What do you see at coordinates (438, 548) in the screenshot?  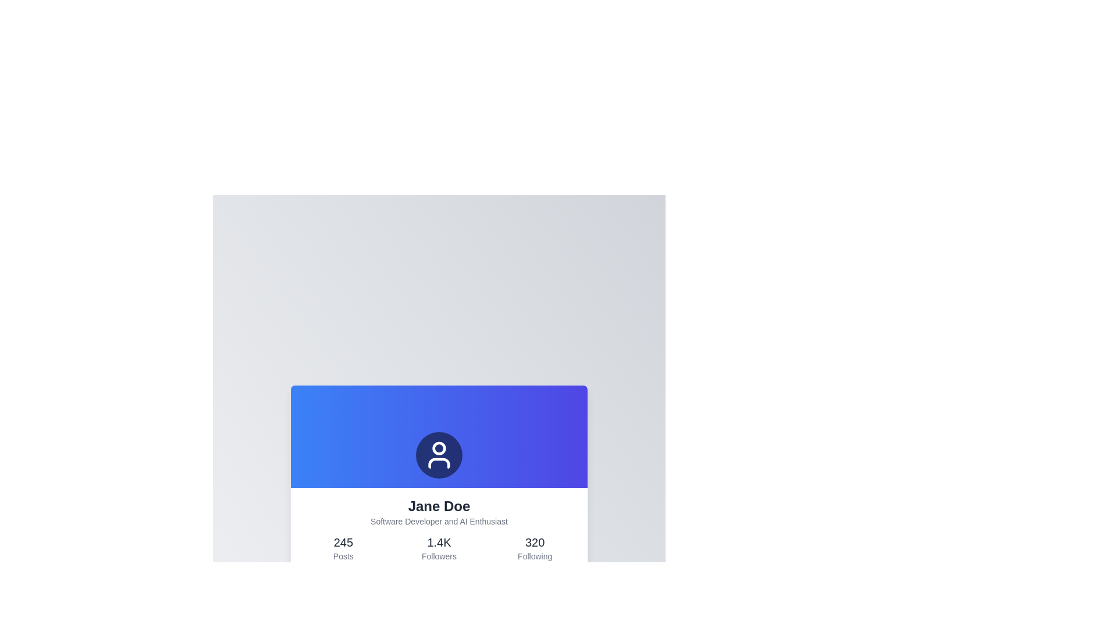 I see `the user statistics element displaying 'Posts', 'Followers', and 'Following' values, which is located directly below the user's name and description` at bounding box center [438, 548].